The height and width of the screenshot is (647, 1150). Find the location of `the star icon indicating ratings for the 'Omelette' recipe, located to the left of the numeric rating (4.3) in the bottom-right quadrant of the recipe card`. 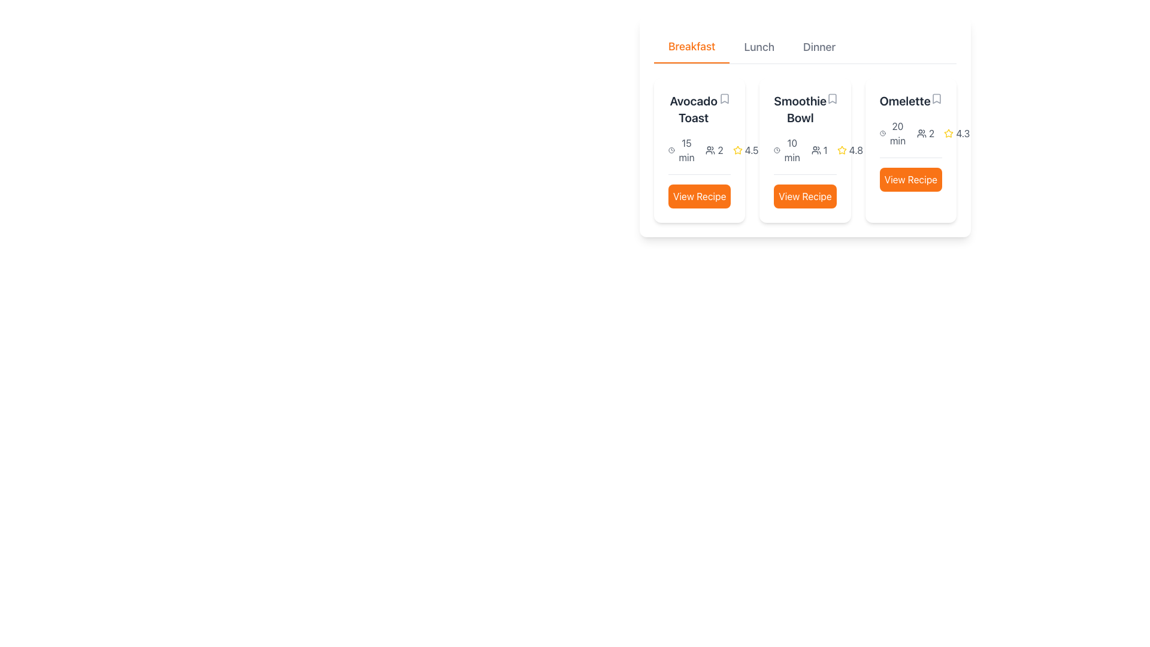

the star icon indicating ratings for the 'Omelette' recipe, located to the left of the numeric rating (4.3) in the bottom-right quadrant of the recipe card is located at coordinates (841, 149).